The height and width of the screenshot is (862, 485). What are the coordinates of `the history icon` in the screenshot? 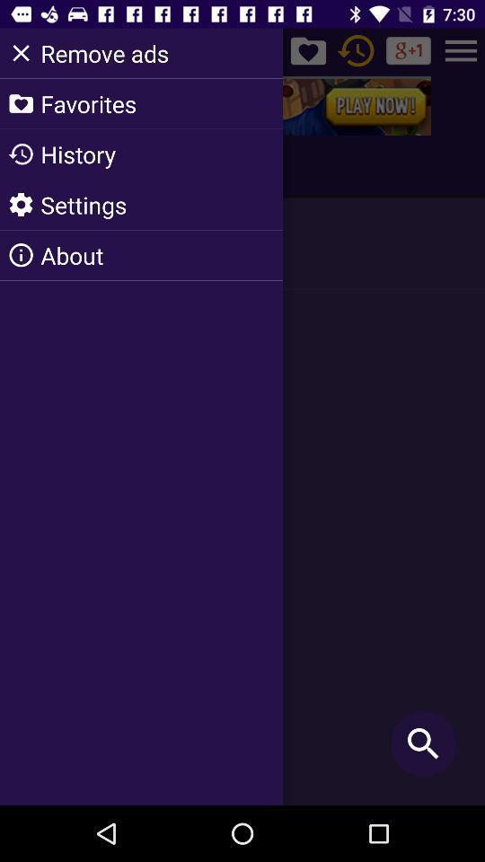 It's located at (25, 166).